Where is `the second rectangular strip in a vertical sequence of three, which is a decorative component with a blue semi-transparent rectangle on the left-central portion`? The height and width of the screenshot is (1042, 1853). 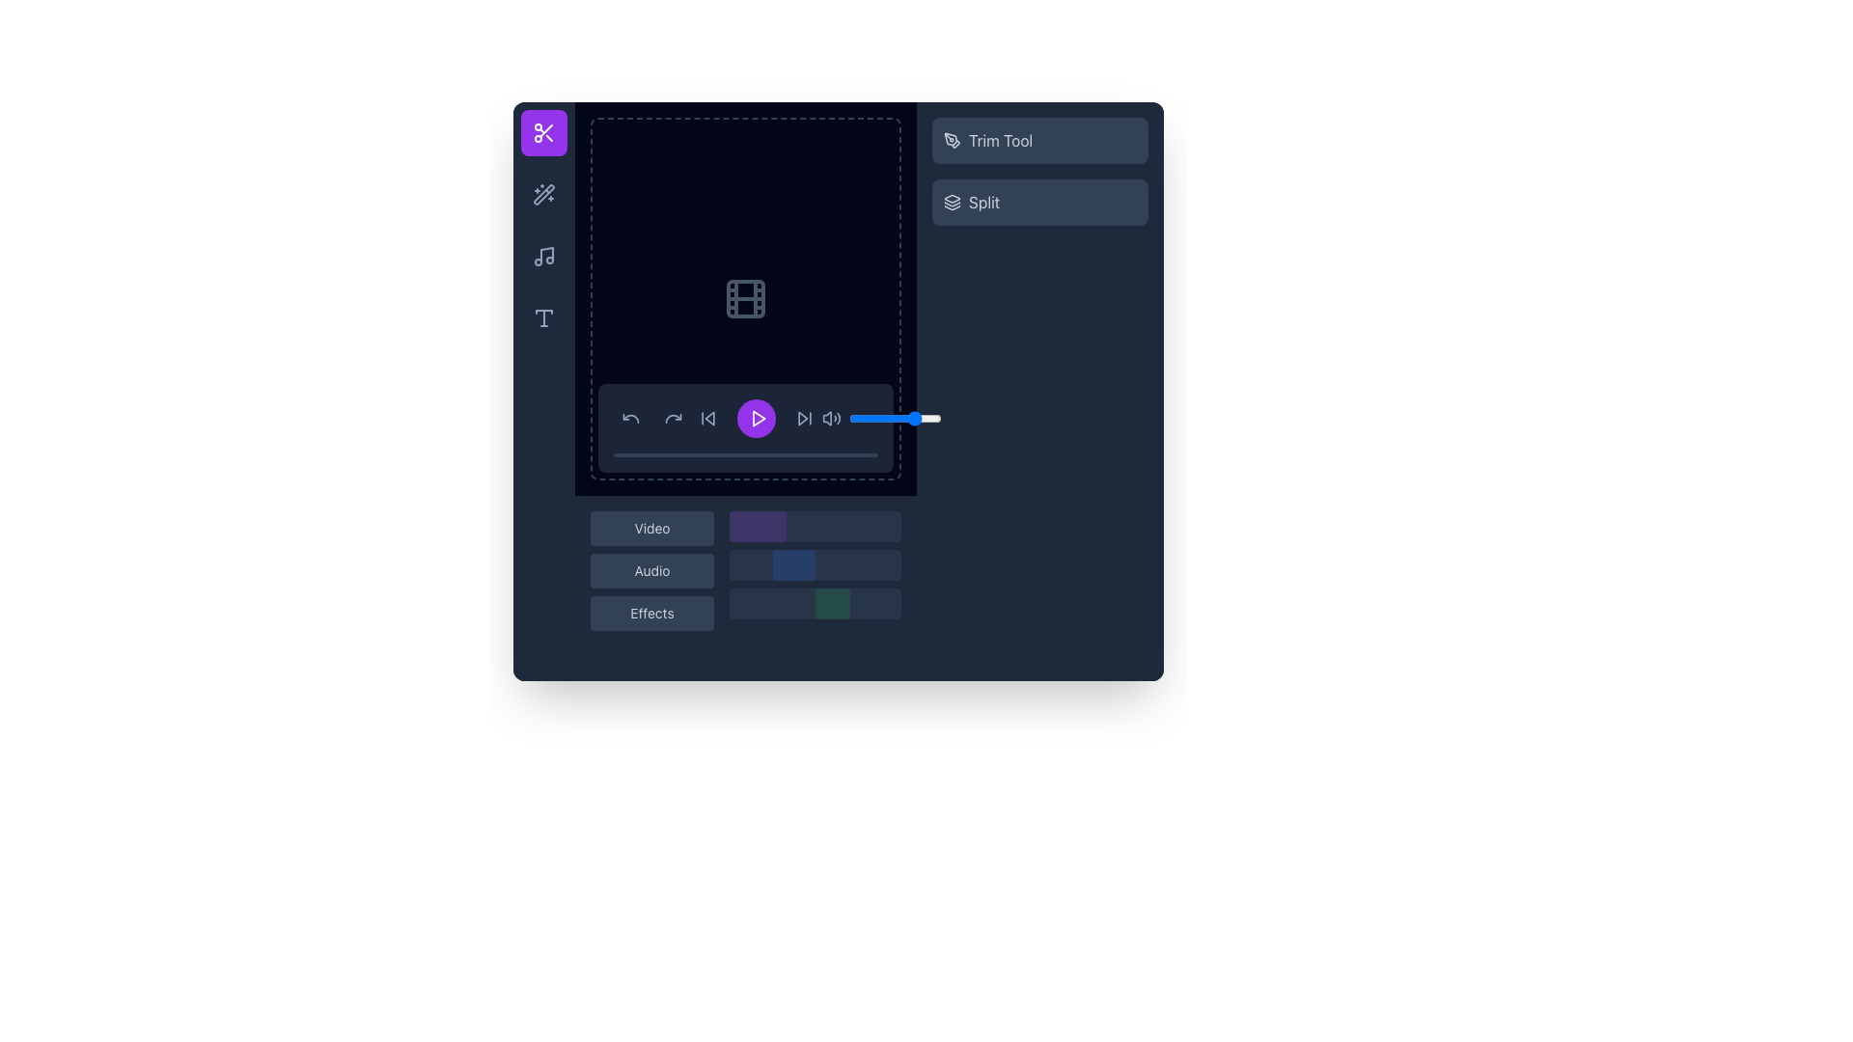 the second rectangular strip in a vertical sequence of three, which is a decorative component with a blue semi-transparent rectangle on the left-central portion is located at coordinates (815, 564).